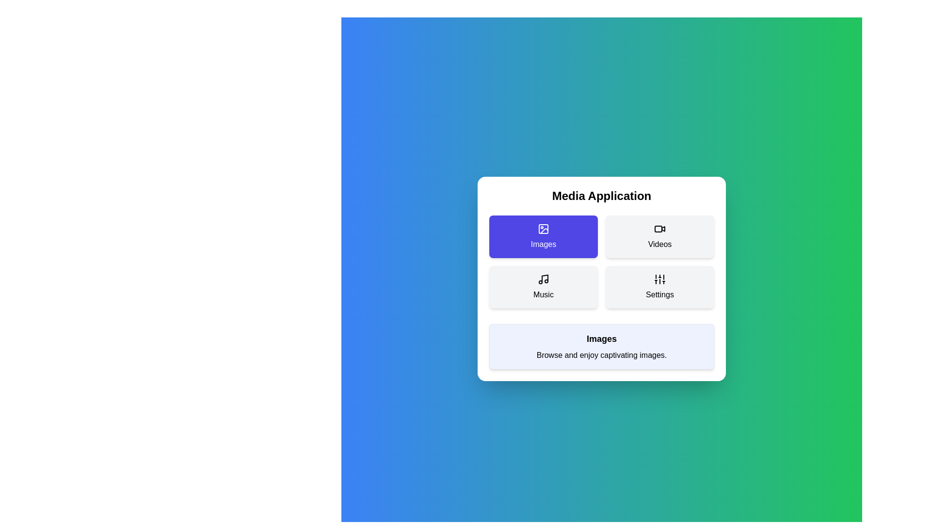  Describe the element at coordinates (659, 237) in the screenshot. I see `the button corresponding to the menu item Videos` at that location.